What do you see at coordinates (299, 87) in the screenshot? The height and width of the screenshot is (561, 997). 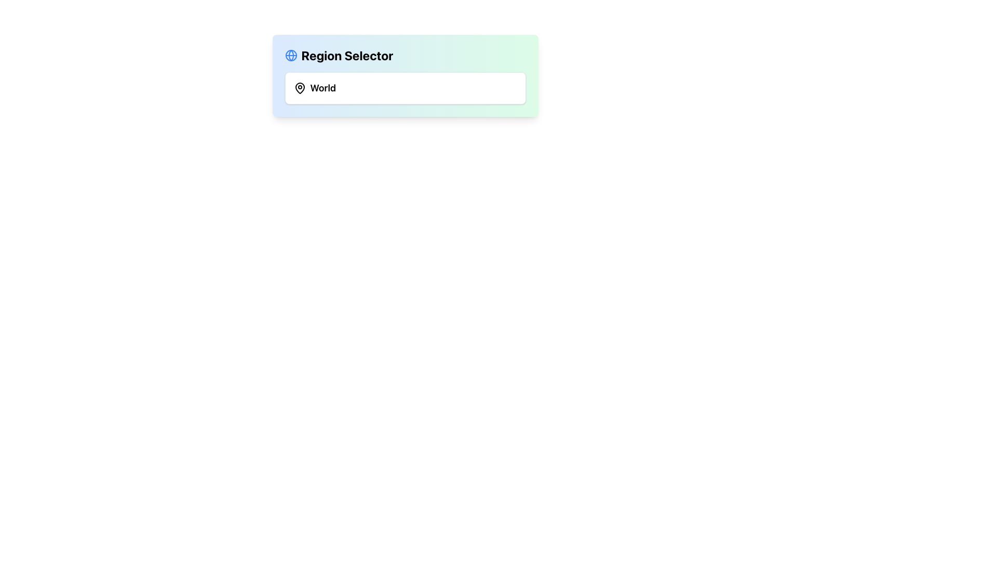 I see `the pin-like icon, which is styled in an outlined design and positioned to the left of the text 'World' within the 'Region Selector' card` at bounding box center [299, 87].